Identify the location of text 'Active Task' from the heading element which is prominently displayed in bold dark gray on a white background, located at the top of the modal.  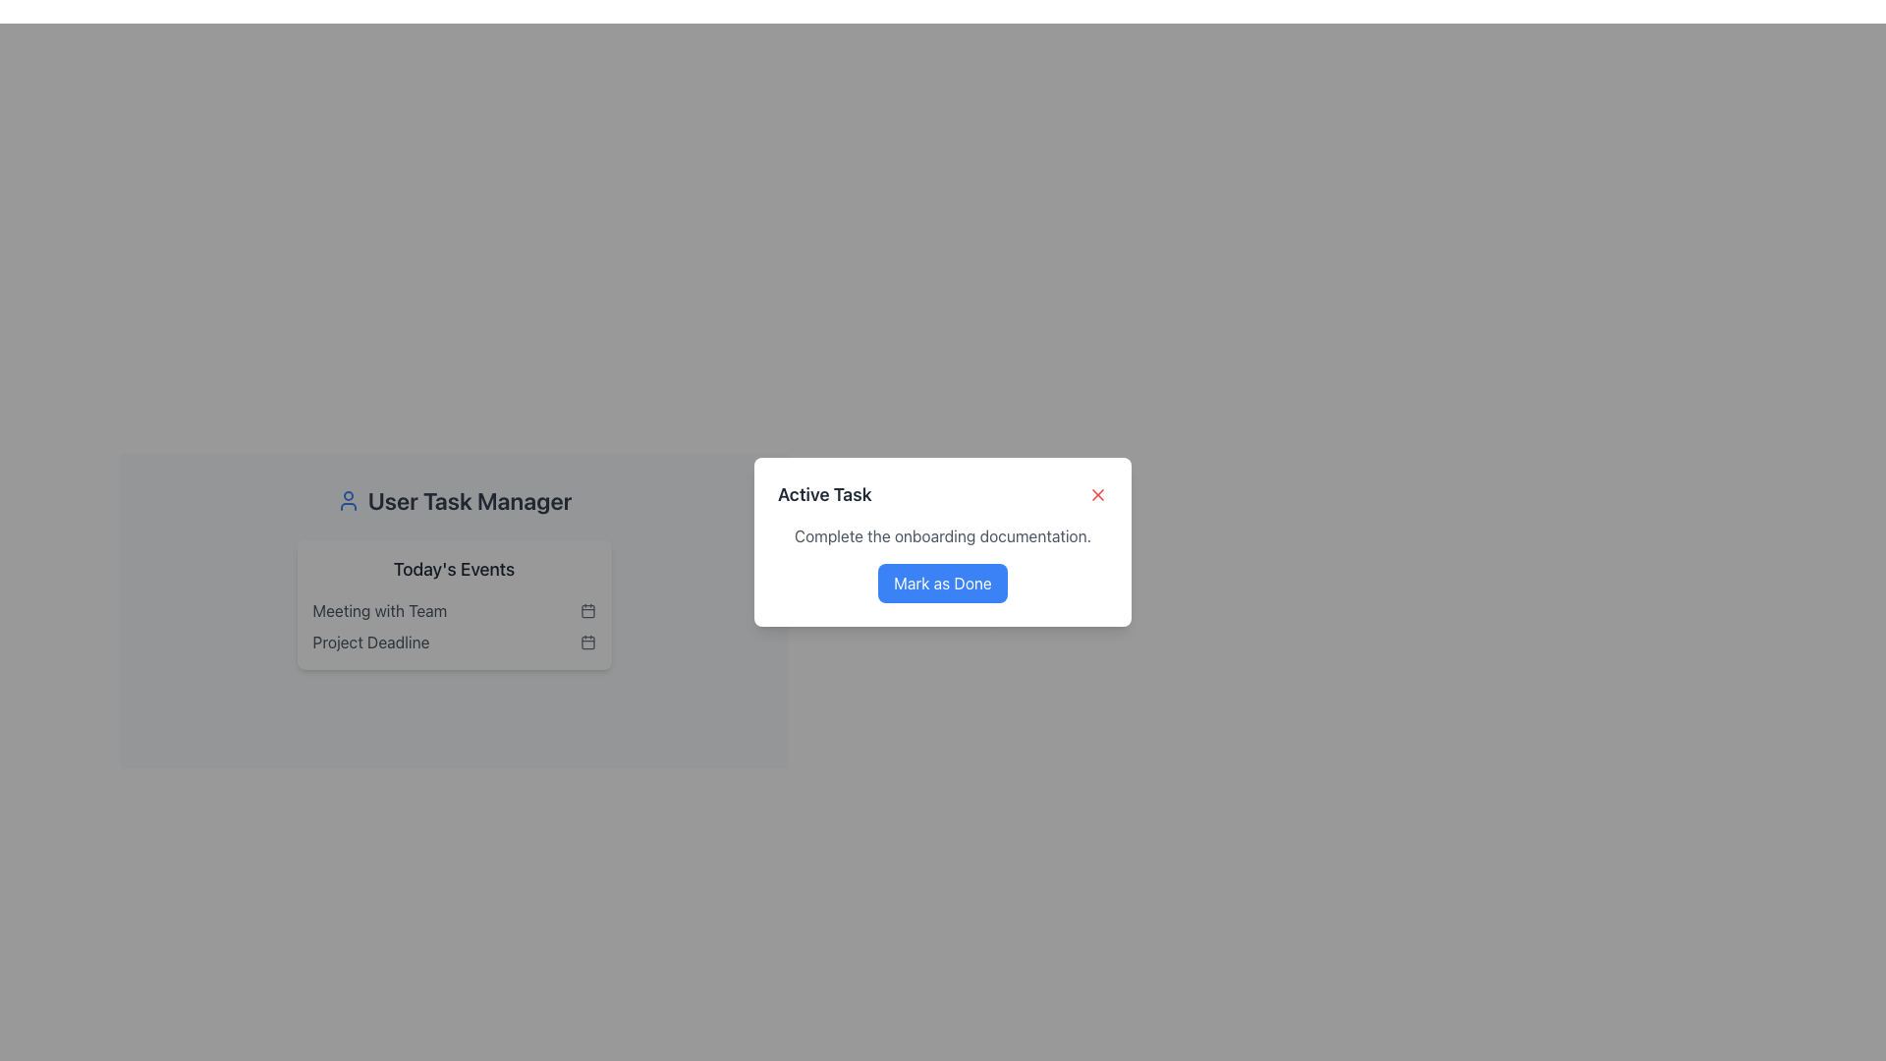
(824, 494).